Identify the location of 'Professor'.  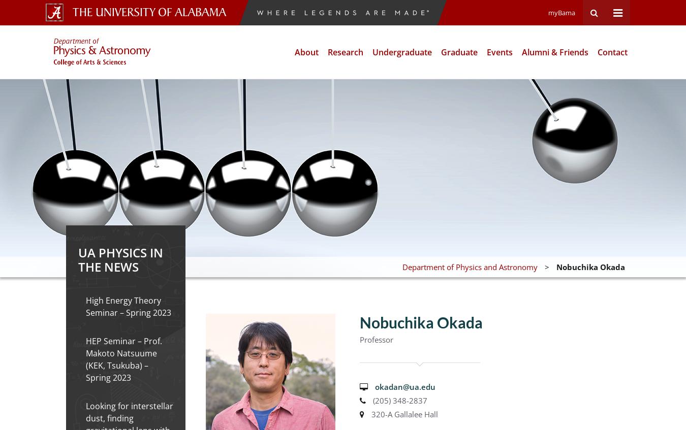
(375, 339).